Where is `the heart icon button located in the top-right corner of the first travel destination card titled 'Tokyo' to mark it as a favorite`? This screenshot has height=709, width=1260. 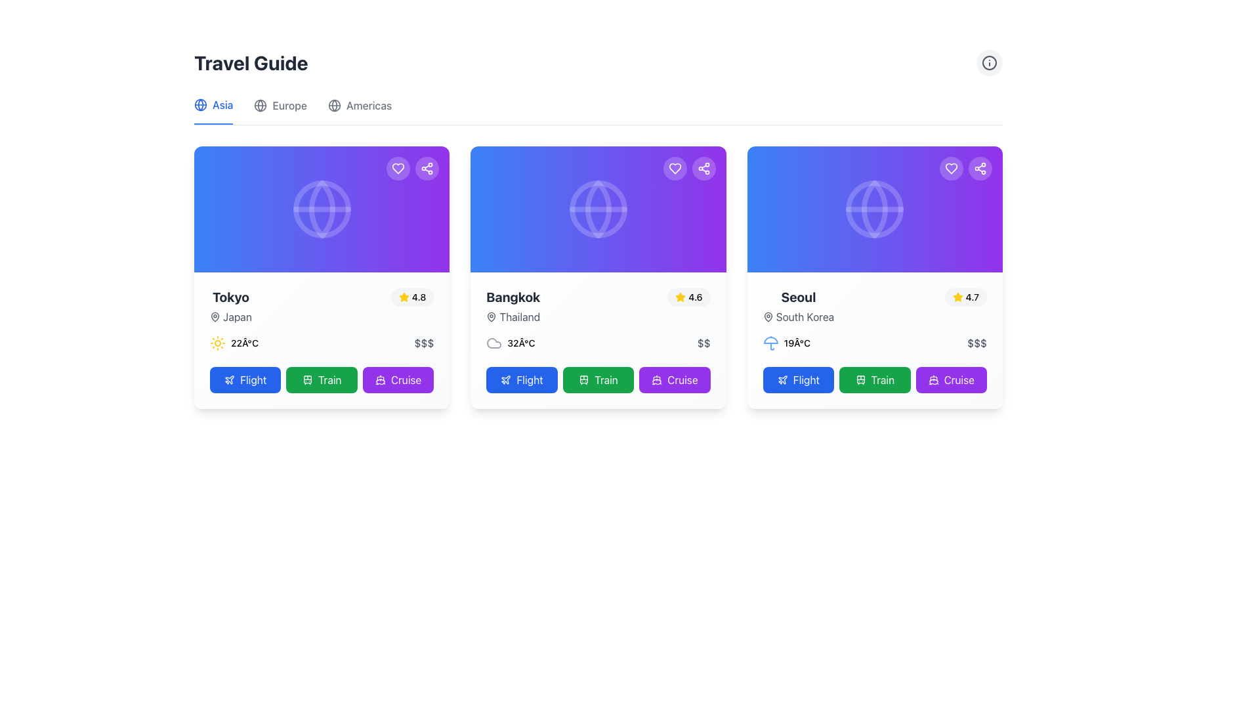
the heart icon button located in the top-right corner of the first travel destination card titled 'Tokyo' to mark it as a favorite is located at coordinates (398, 168).